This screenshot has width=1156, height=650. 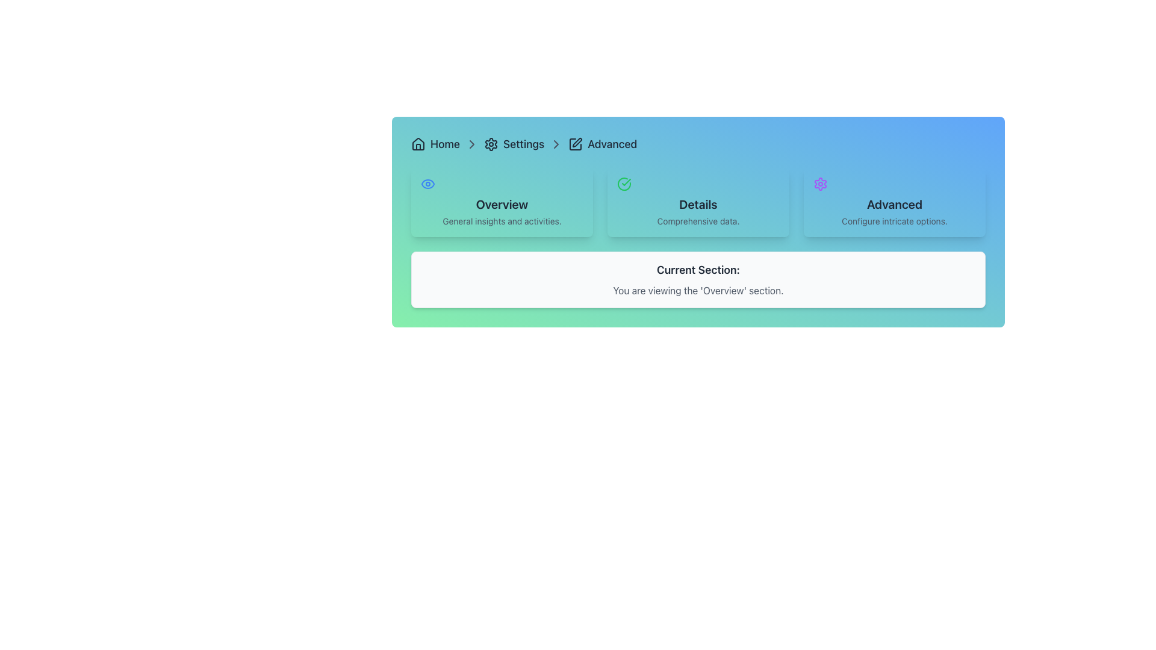 What do you see at coordinates (698, 201) in the screenshot?
I see `information from the Section Block that contains a green check circle icon, bold text 'Details', and descriptive text 'Comprehensive data.'` at bounding box center [698, 201].